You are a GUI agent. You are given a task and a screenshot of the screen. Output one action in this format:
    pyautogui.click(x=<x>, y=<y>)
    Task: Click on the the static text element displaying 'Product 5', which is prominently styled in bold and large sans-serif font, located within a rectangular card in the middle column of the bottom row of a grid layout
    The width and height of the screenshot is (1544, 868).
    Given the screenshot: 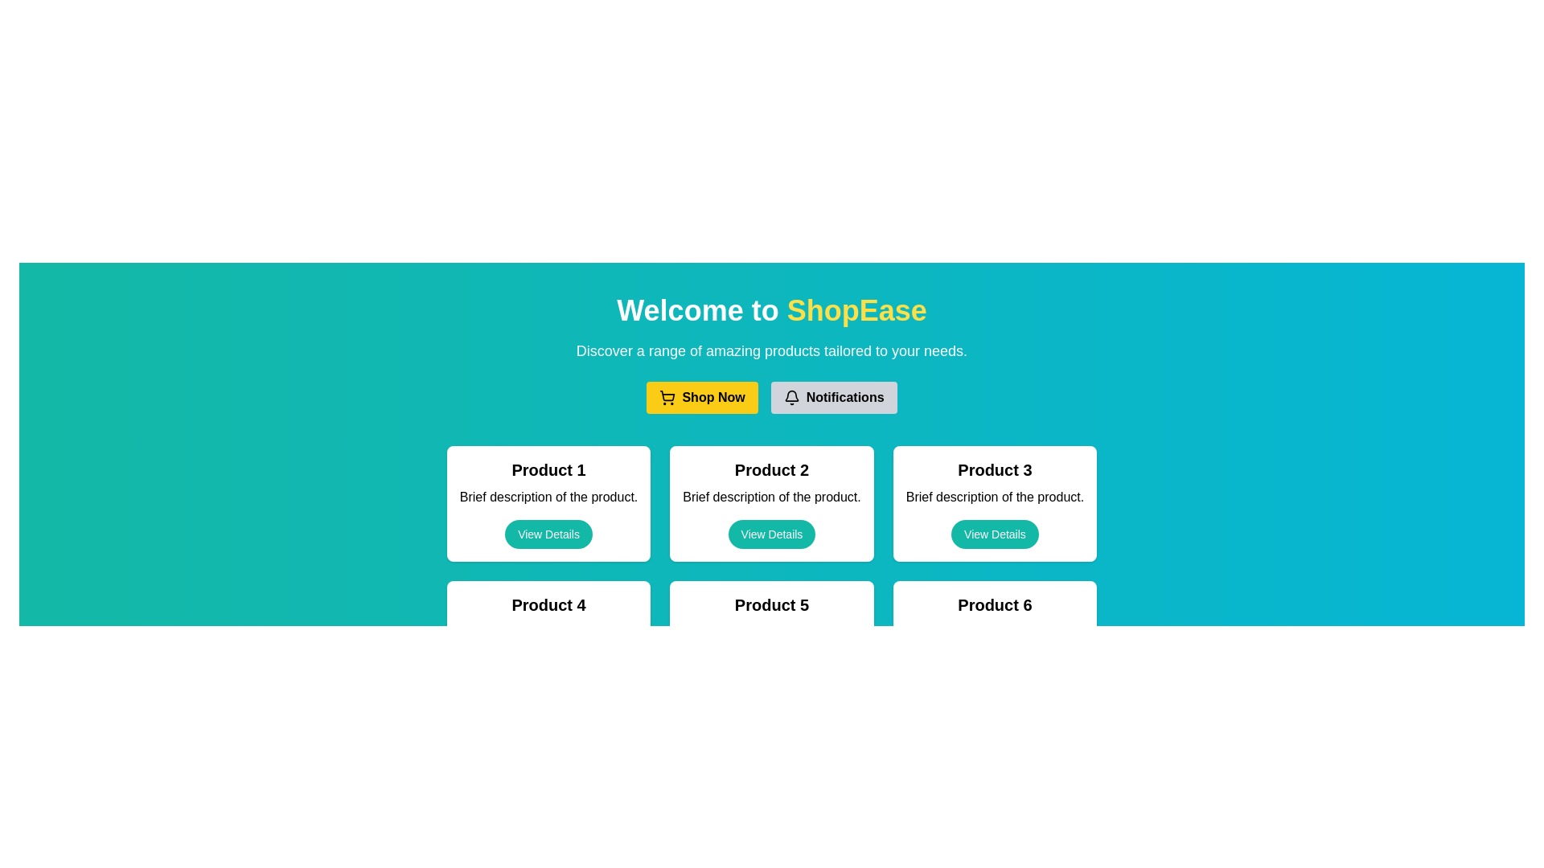 What is the action you would take?
    pyautogui.click(x=772, y=604)
    